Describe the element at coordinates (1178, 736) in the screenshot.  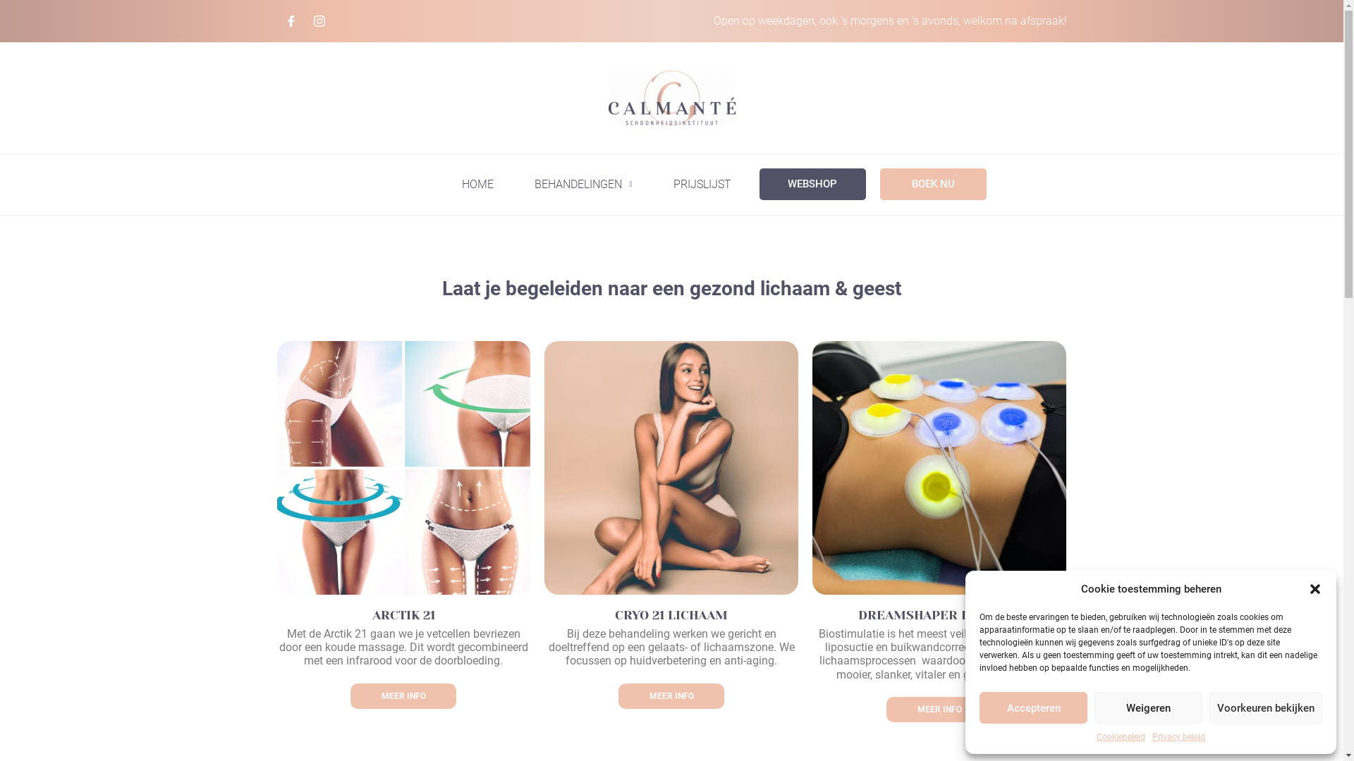
I see `'Privacy beleid'` at that location.